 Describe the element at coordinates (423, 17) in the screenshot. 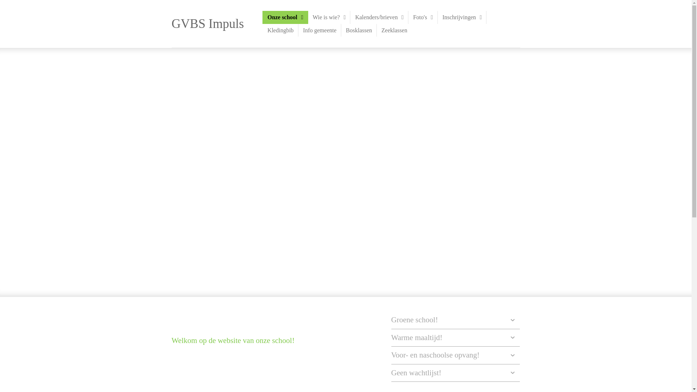

I see `'Foto's'` at that location.